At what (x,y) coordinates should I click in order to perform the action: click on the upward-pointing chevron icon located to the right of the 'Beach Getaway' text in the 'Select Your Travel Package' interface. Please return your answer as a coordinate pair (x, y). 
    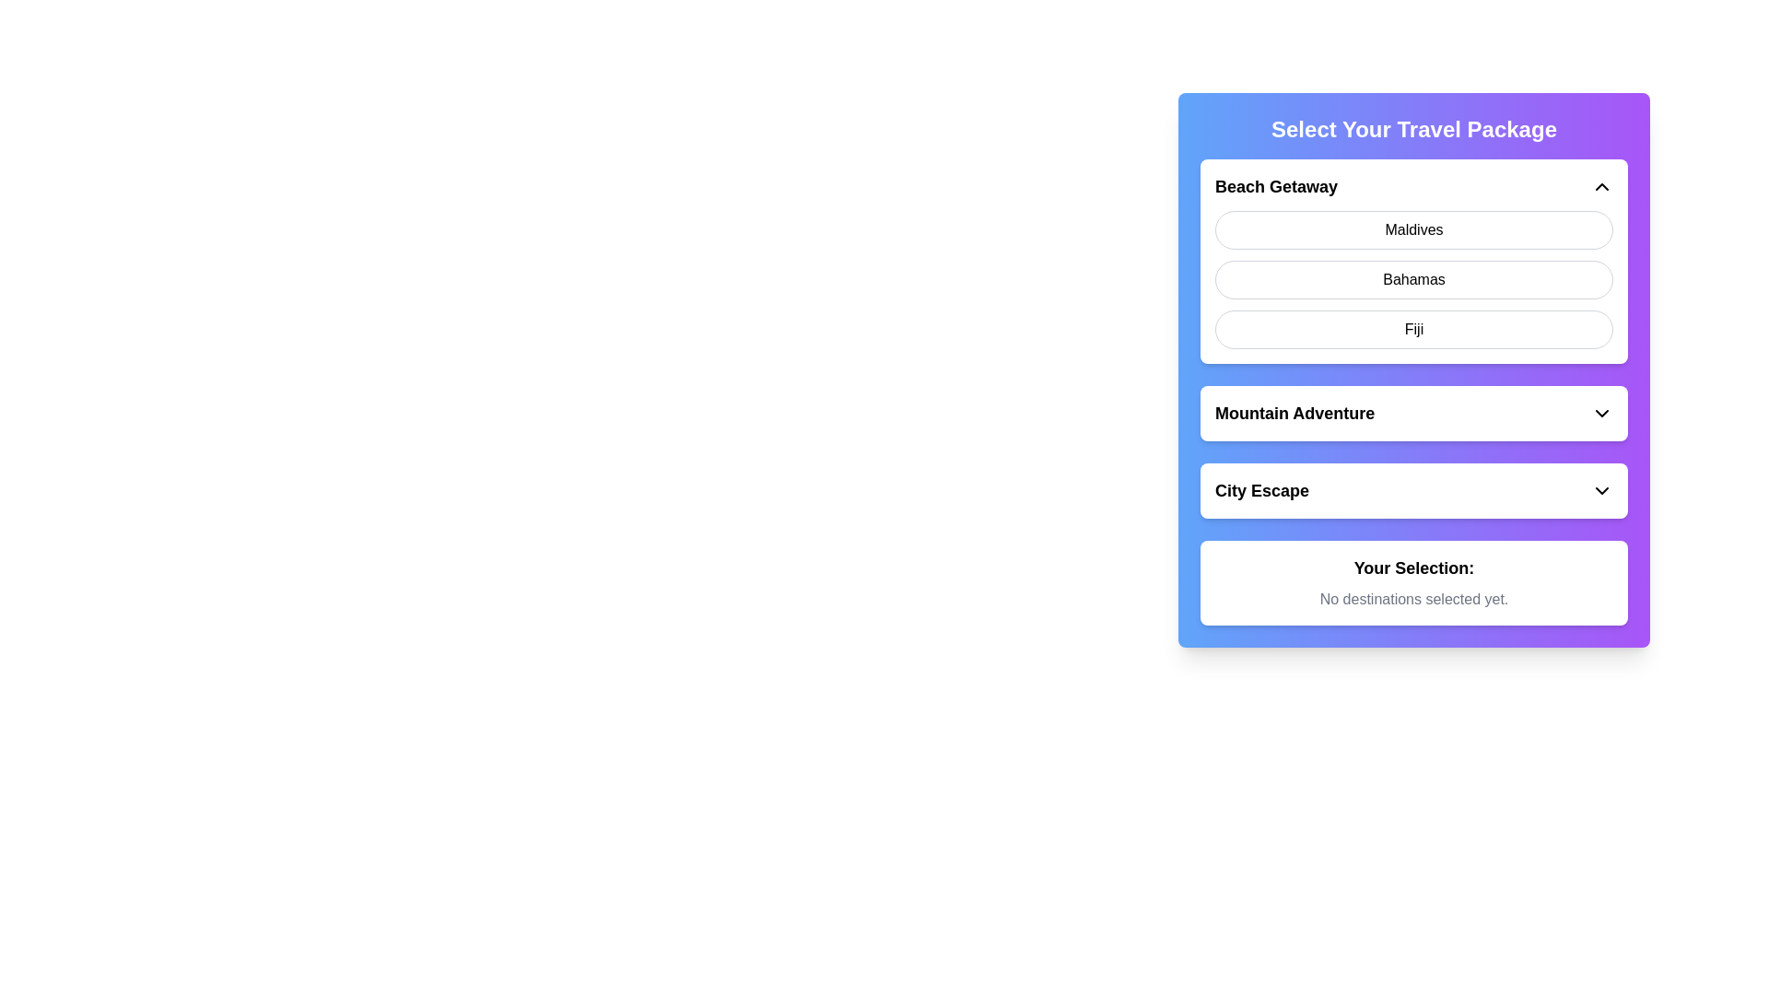
    Looking at the image, I should click on (1600, 187).